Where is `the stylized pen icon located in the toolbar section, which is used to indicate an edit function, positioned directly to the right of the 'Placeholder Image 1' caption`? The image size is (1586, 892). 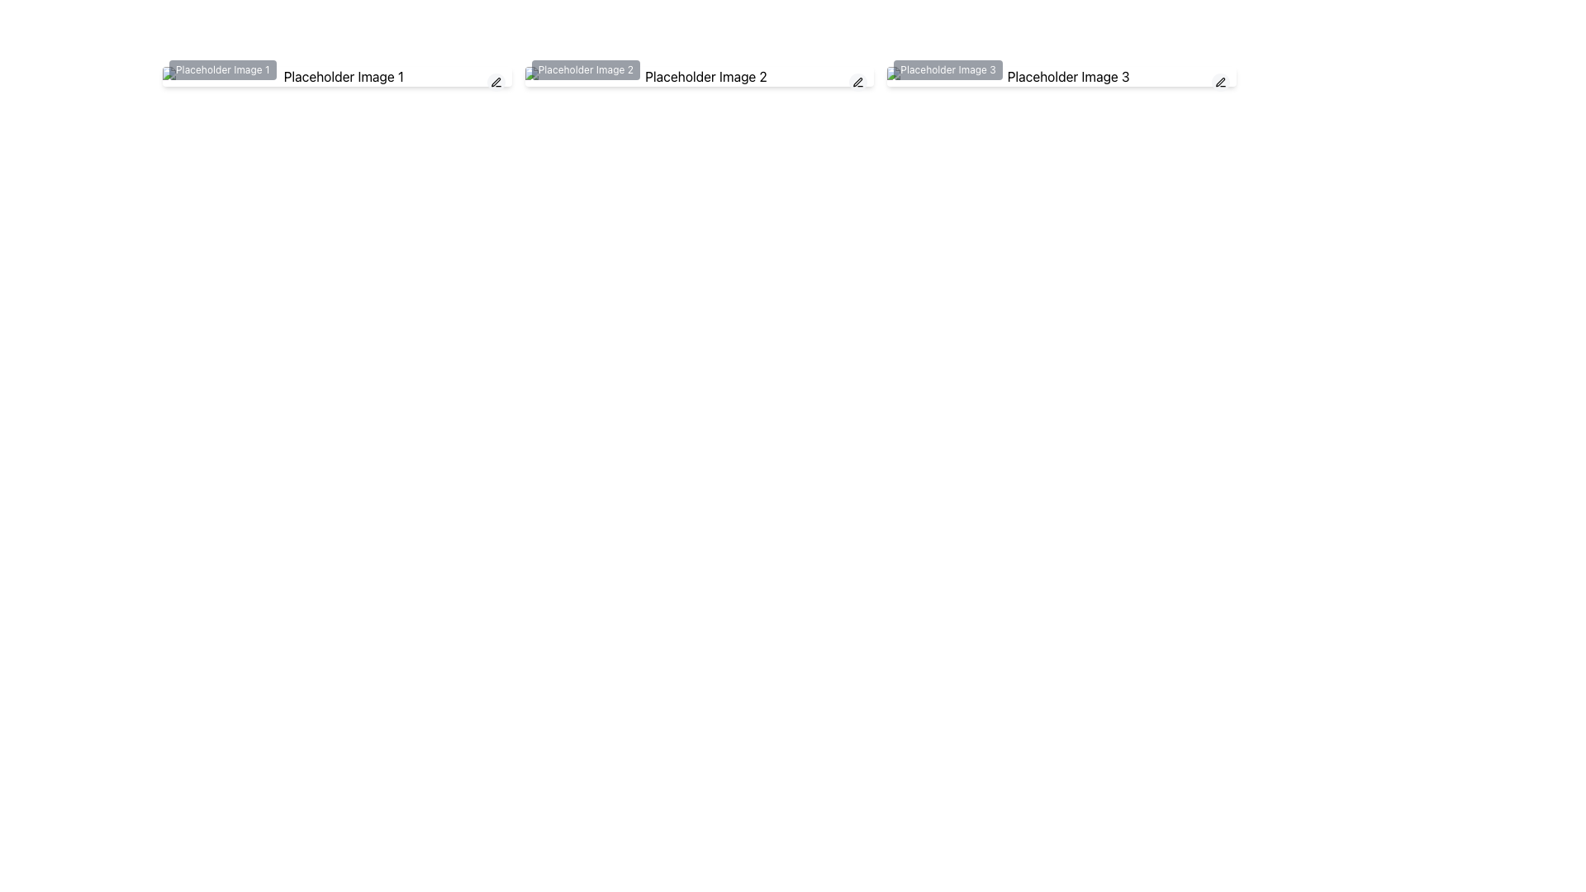 the stylized pen icon located in the toolbar section, which is used to indicate an edit function, positioned directly to the right of the 'Placeholder Image 1' caption is located at coordinates (495, 82).